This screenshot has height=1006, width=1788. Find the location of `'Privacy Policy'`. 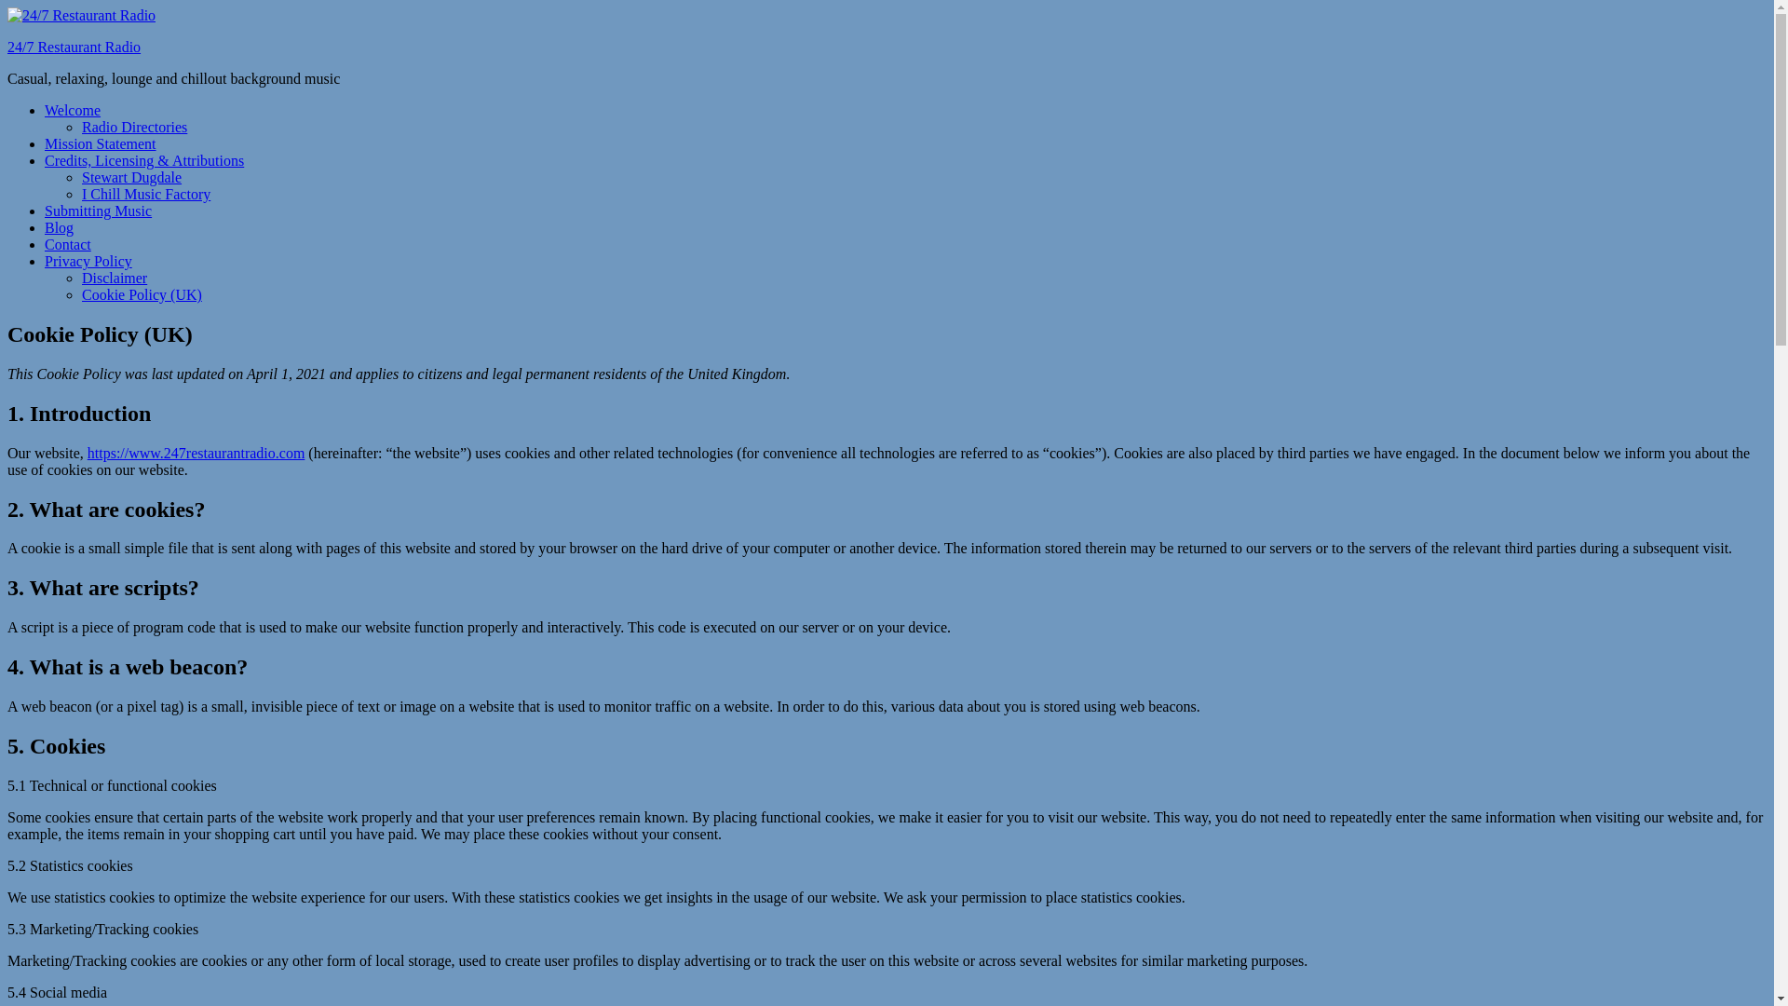

'Privacy Policy' is located at coordinates (88, 261).